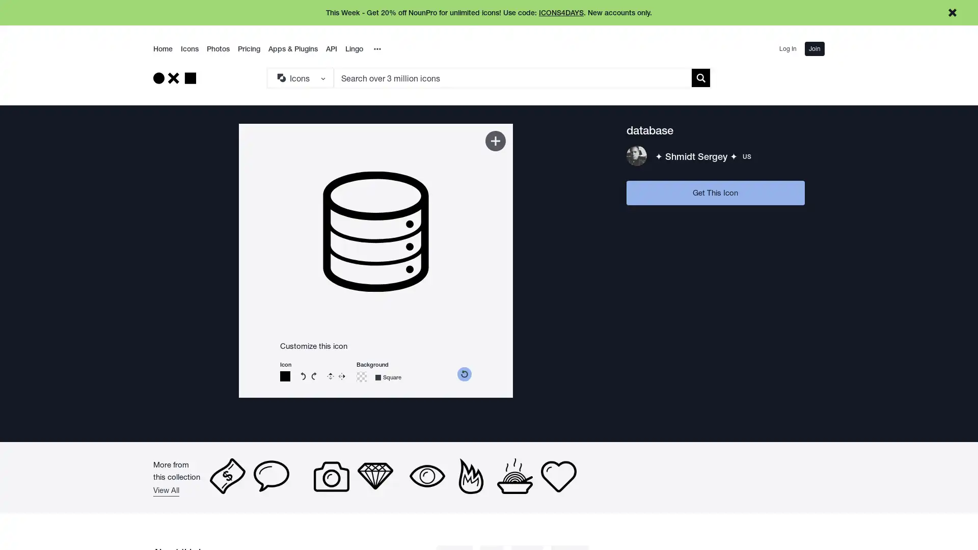 The height and width of the screenshot is (550, 978). Describe the element at coordinates (714, 193) in the screenshot. I see `Get This Icon` at that location.